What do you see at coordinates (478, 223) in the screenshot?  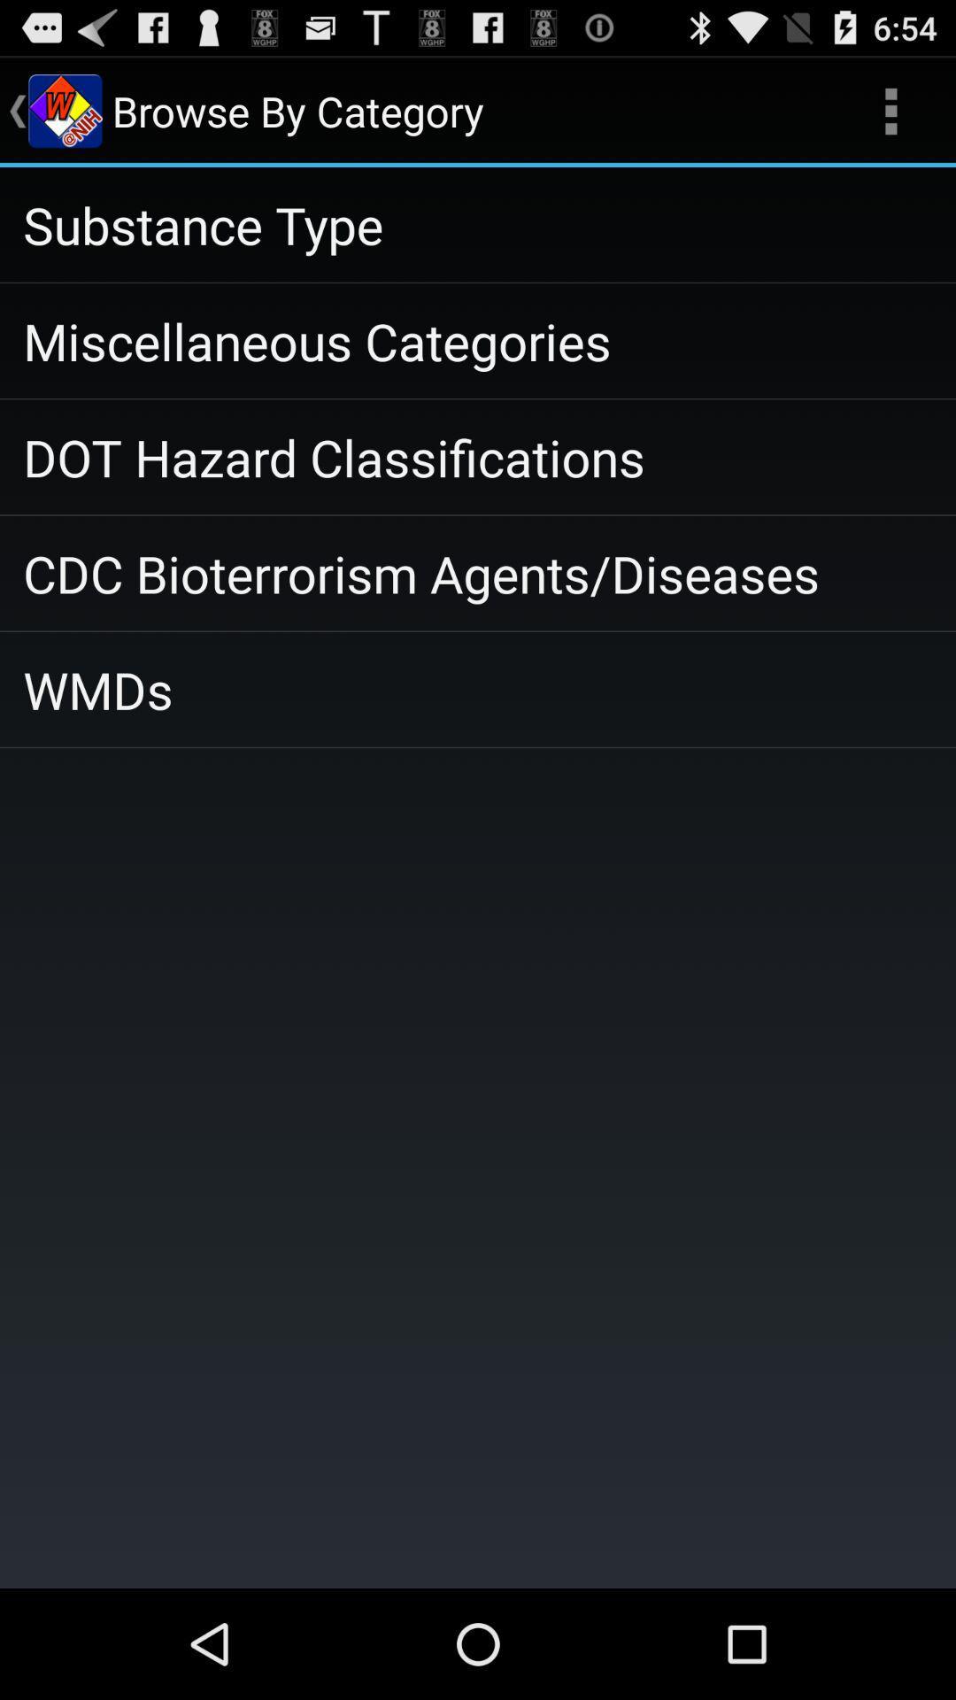 I see `substance type` at bounding box center [478, 223].